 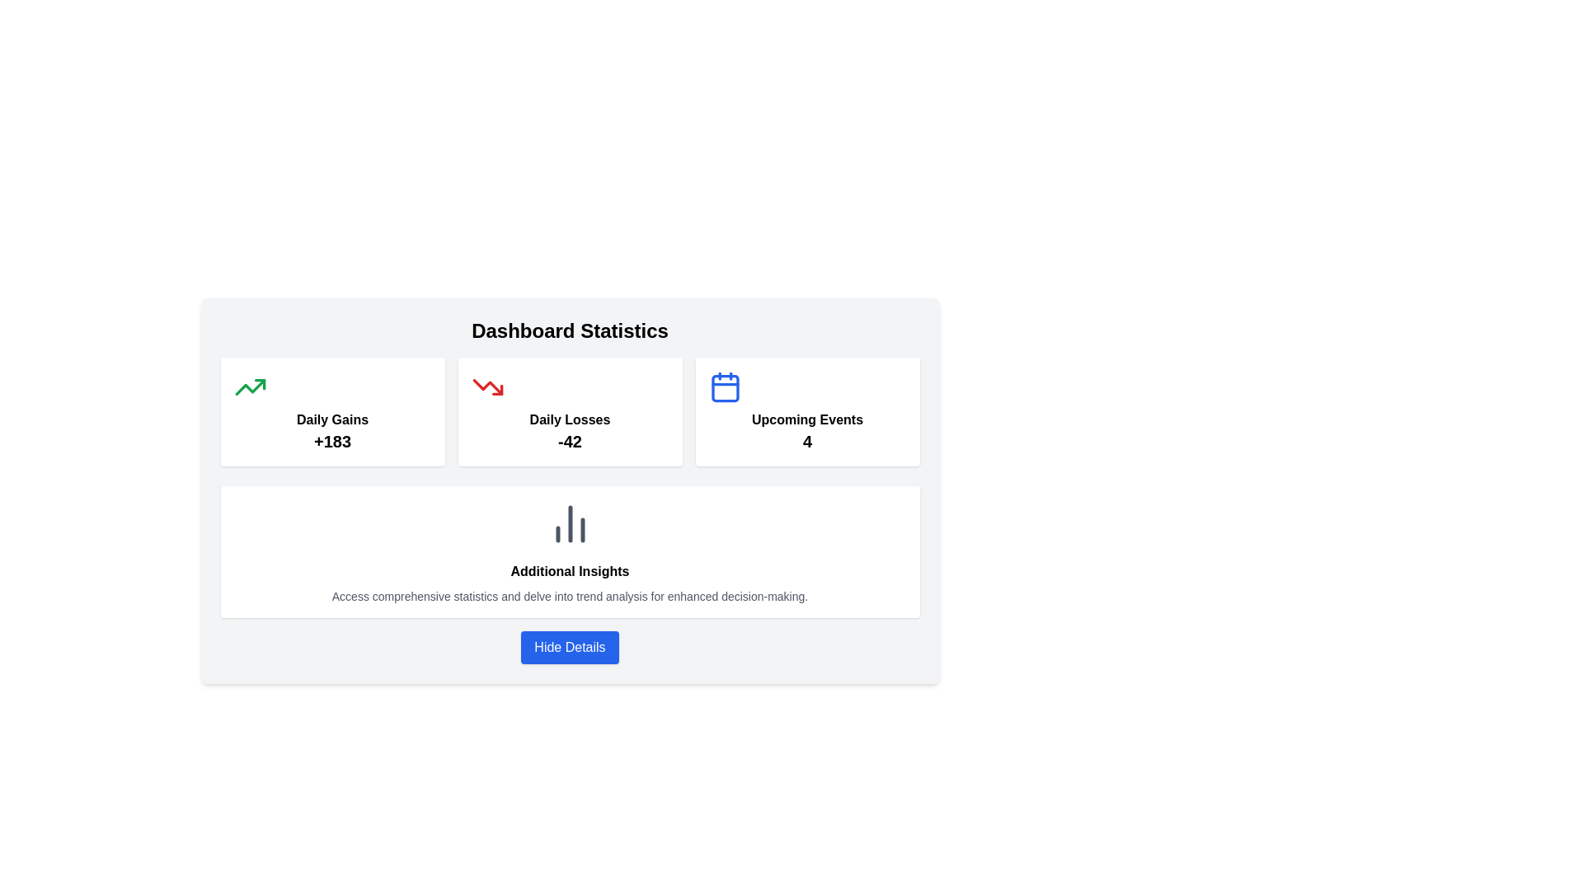 I want to click on the bold text label 'Daily Gains', which is part of a summary card in the 'Dashboard Statistics' section, located above the text value '+183', so click(x=331, y=419).